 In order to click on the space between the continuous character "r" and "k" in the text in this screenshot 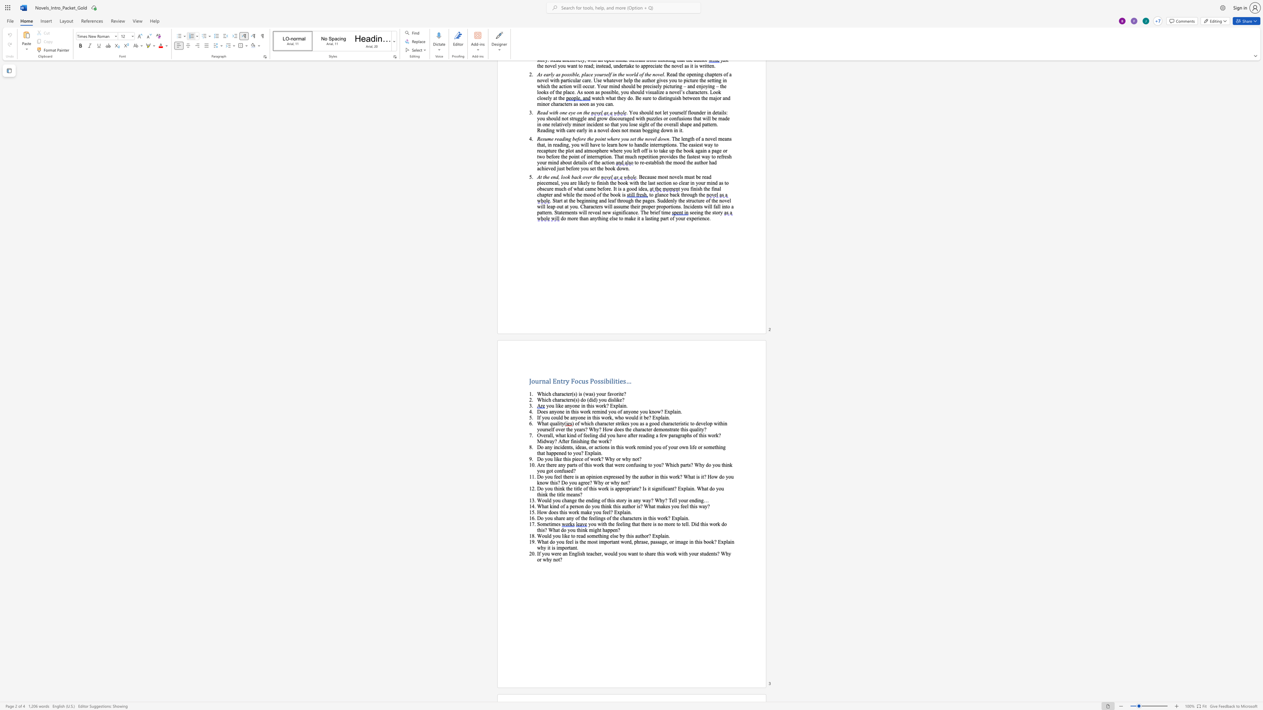, I will do `click(665, 518)`.